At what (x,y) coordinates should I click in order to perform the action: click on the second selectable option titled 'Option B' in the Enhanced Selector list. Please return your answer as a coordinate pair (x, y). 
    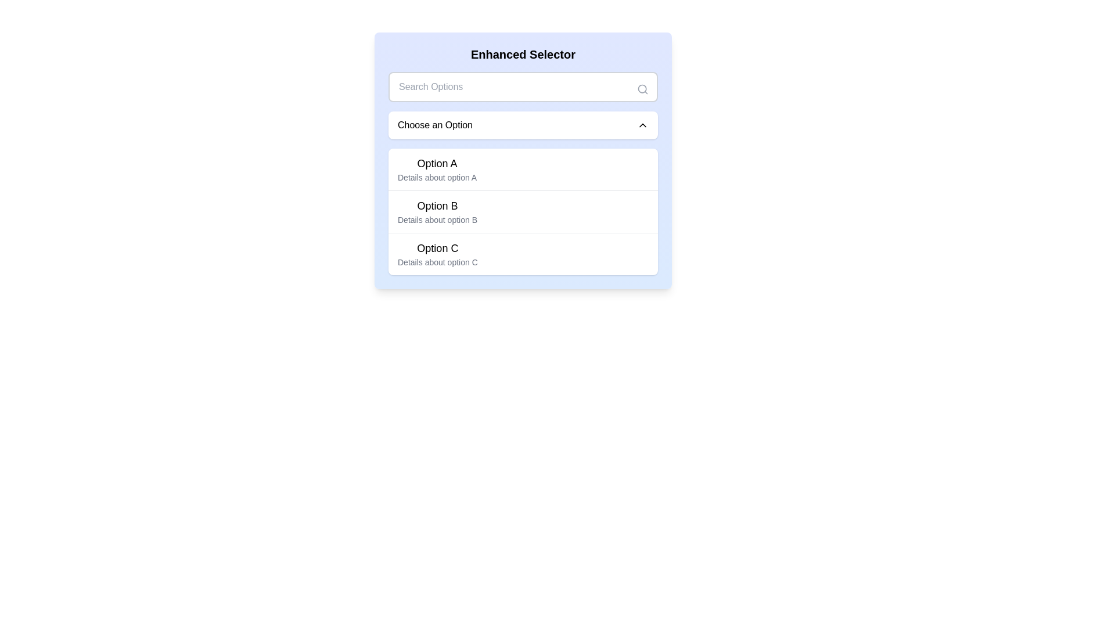
    Looking at the image, I should click on (523, 212).